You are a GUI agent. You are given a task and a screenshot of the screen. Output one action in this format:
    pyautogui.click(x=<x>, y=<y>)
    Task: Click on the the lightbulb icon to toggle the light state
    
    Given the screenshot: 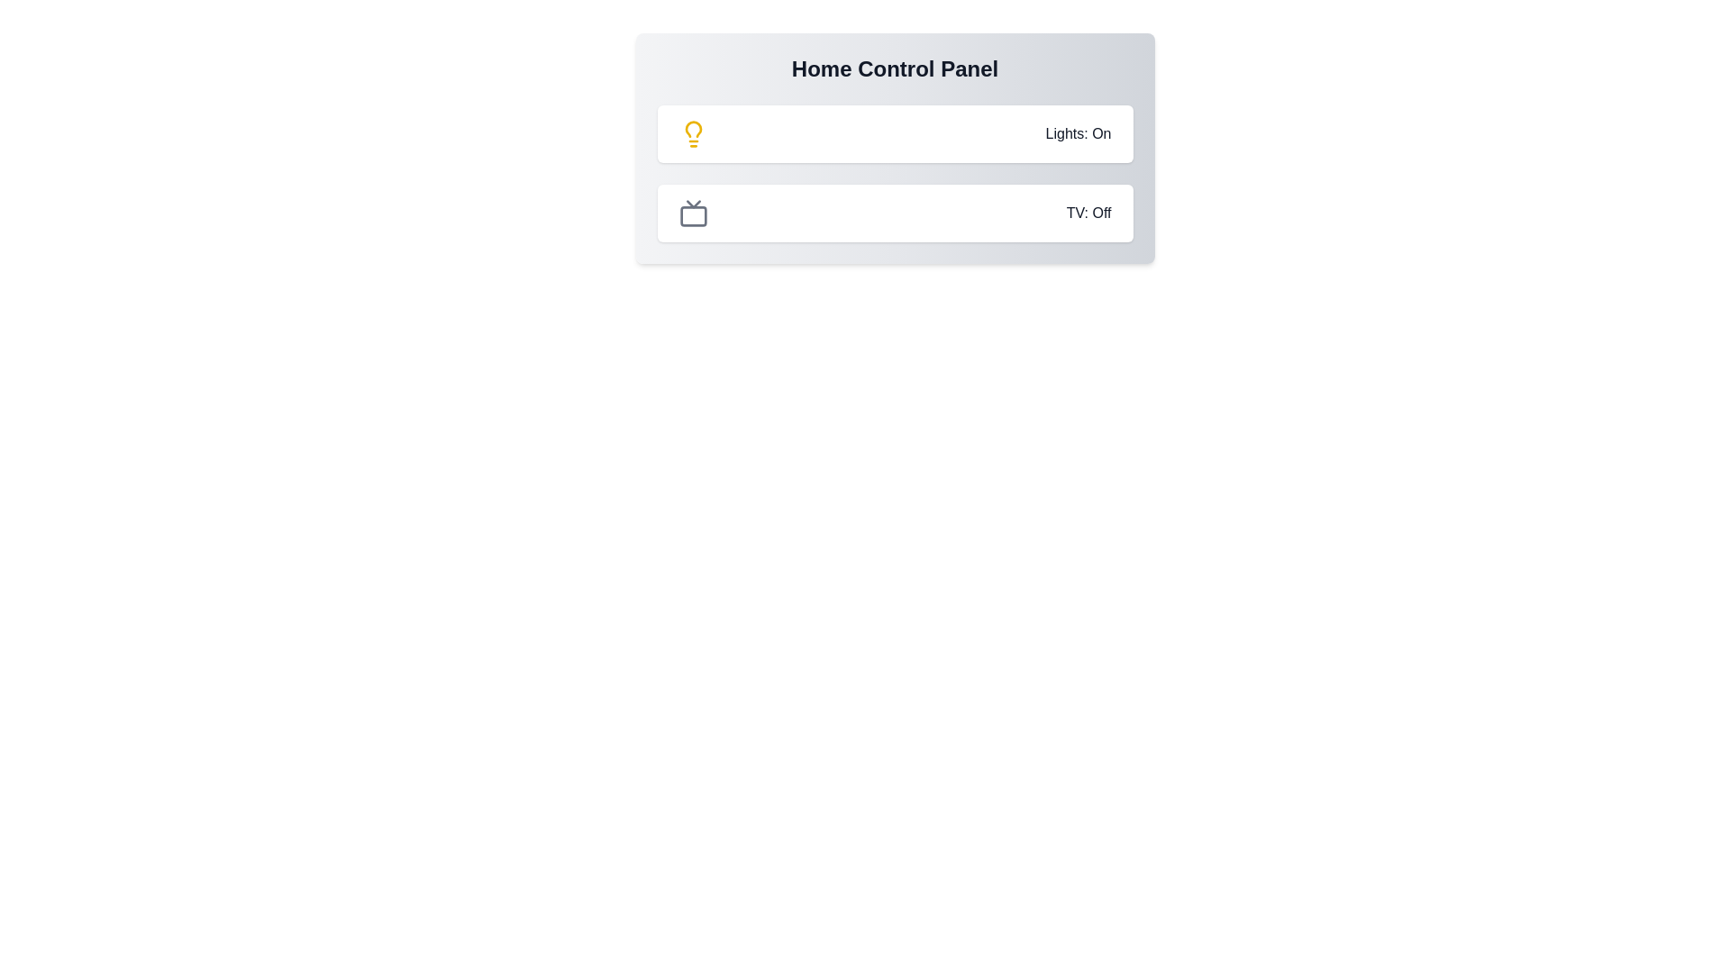 What is the action you would take?
    pyautogui.click(x=692, y=133)
    